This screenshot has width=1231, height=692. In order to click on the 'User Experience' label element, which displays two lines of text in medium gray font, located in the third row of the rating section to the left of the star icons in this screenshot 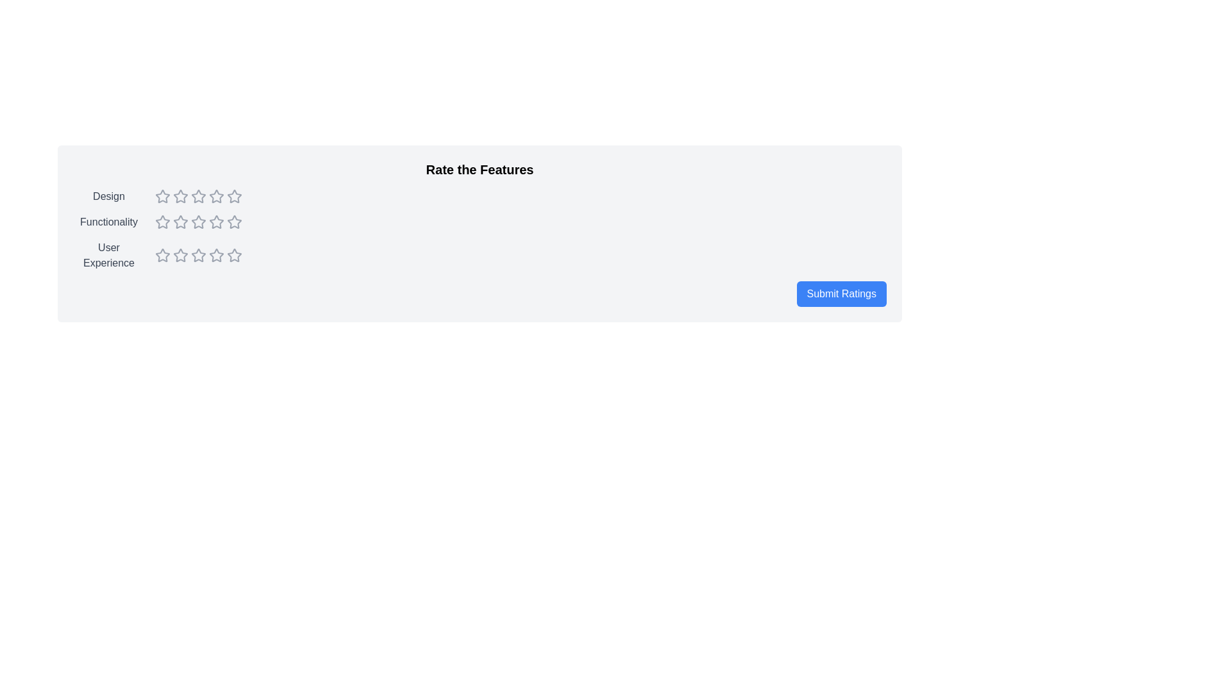, I will do `click(108, 255)`.